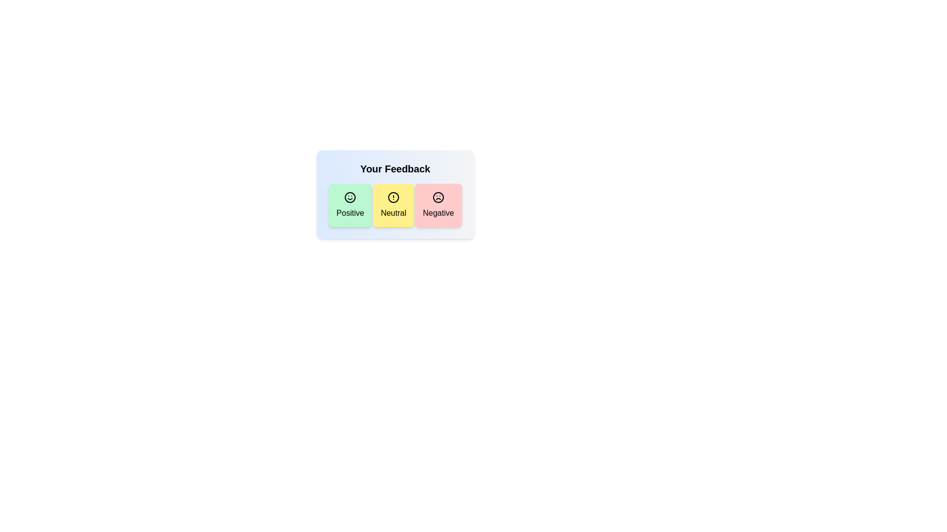 The image size is (947, 532). Describe the element at coordinates (350, 198) in the screenshot. I see `the positive feedback icon located above the text label 'Positive' in the feedback selection interface` at that location.